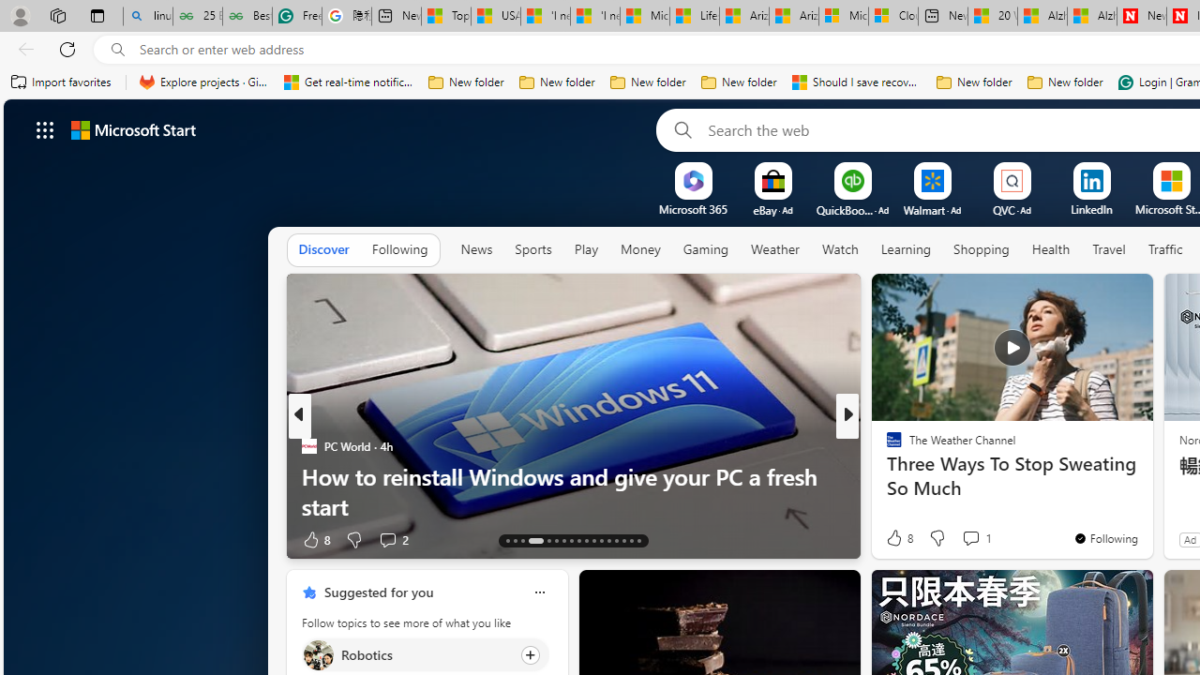  I want to click on 'Shopping', so click(981, 249).